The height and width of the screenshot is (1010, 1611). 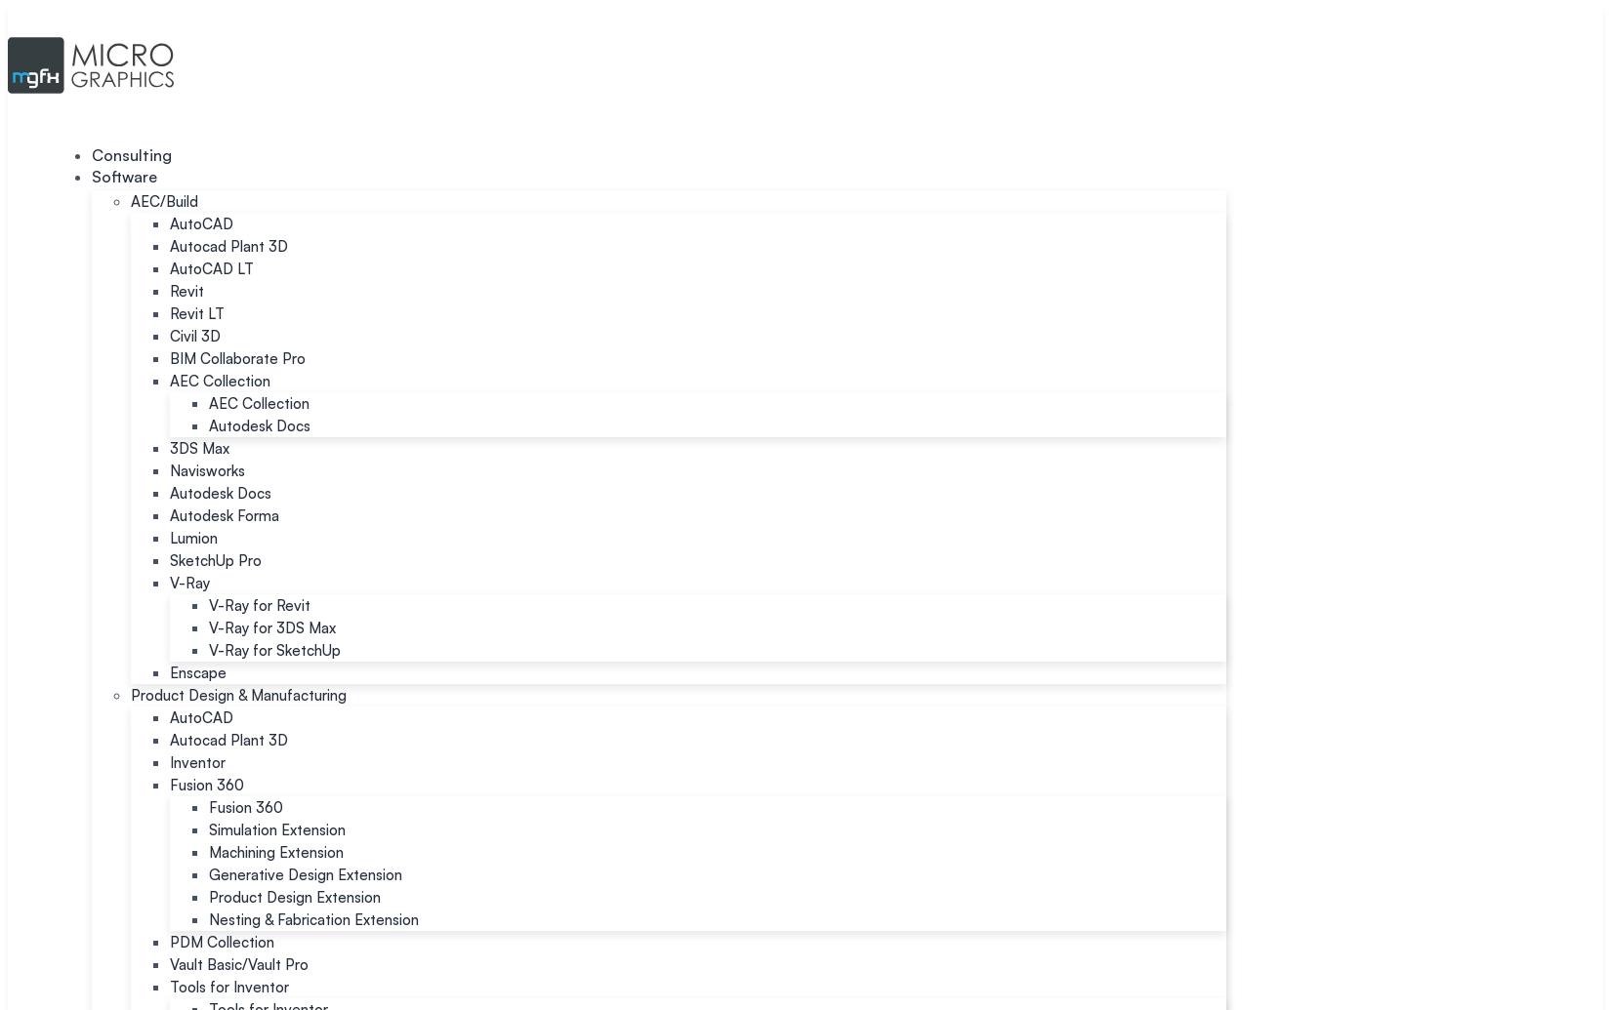 I want to click on 'Nesting & Fabrication Extension', so click(x=313, y=918).